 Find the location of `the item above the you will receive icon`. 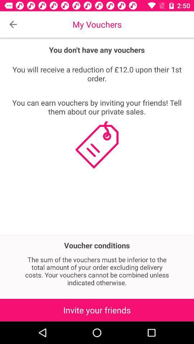

the item above the you will receive icon is located at coordinates (13, 24).